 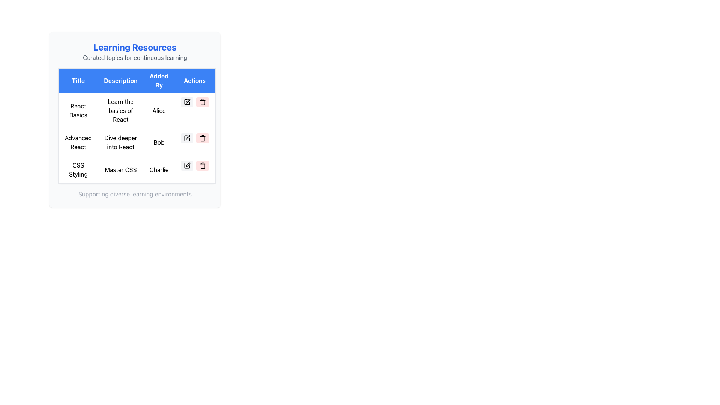 What do you see at coordinates (120, 80) in the screenshot?
I see `the 'Description' column header text label, which is the second column header in a four-column table layout, positioned between 'Title' and 'Added By'` at bounding box center [120, 80].